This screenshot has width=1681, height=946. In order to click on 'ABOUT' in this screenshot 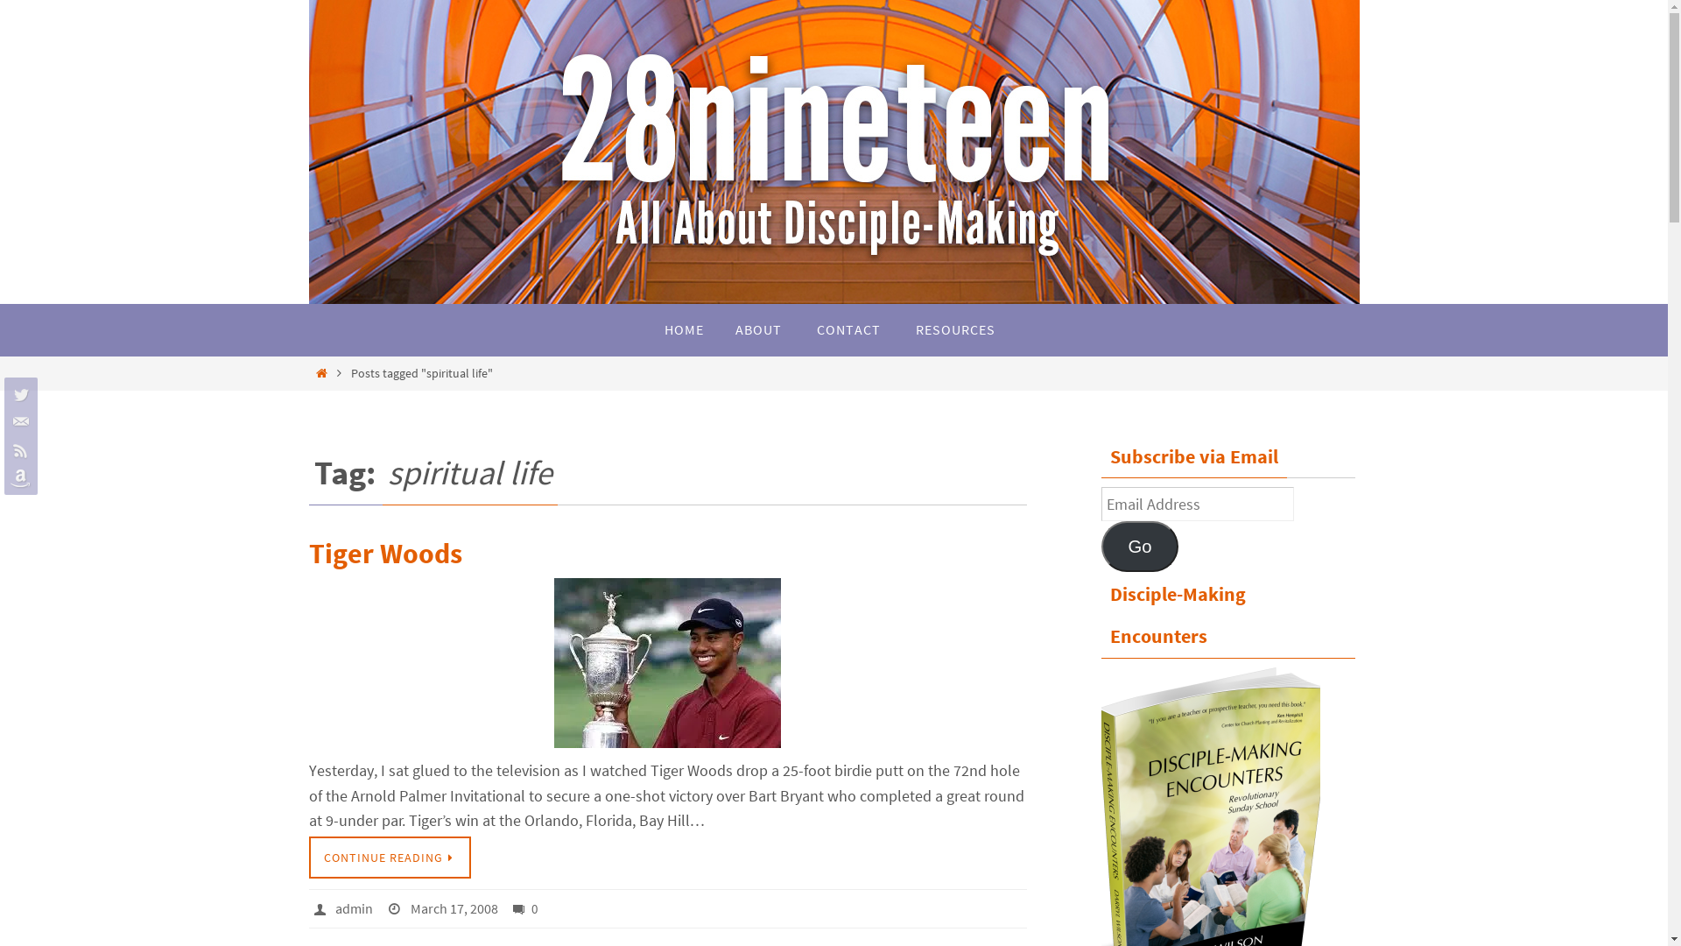, I will do `click(758, 330)`.